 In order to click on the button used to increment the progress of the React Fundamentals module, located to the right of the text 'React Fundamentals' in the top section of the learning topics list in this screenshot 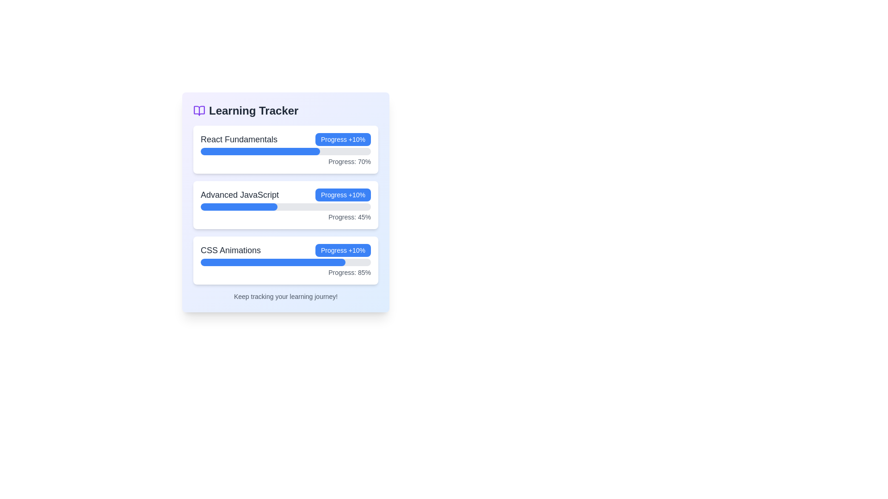, I will do `click(342, 139)`.